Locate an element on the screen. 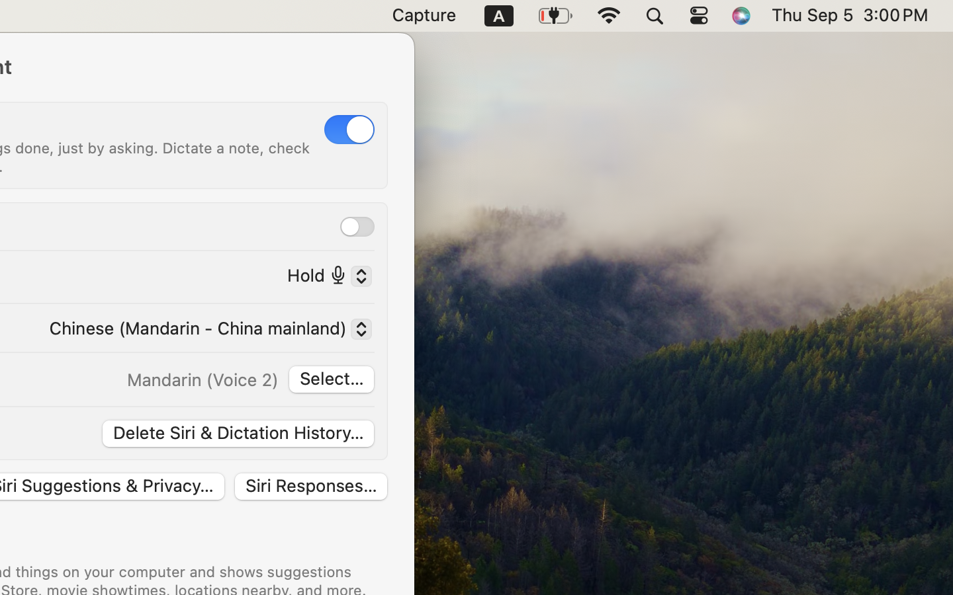 The image size is (953, 595). 'Chinese (Mandarin - China mainland)' is located at coordinates (205, 331).